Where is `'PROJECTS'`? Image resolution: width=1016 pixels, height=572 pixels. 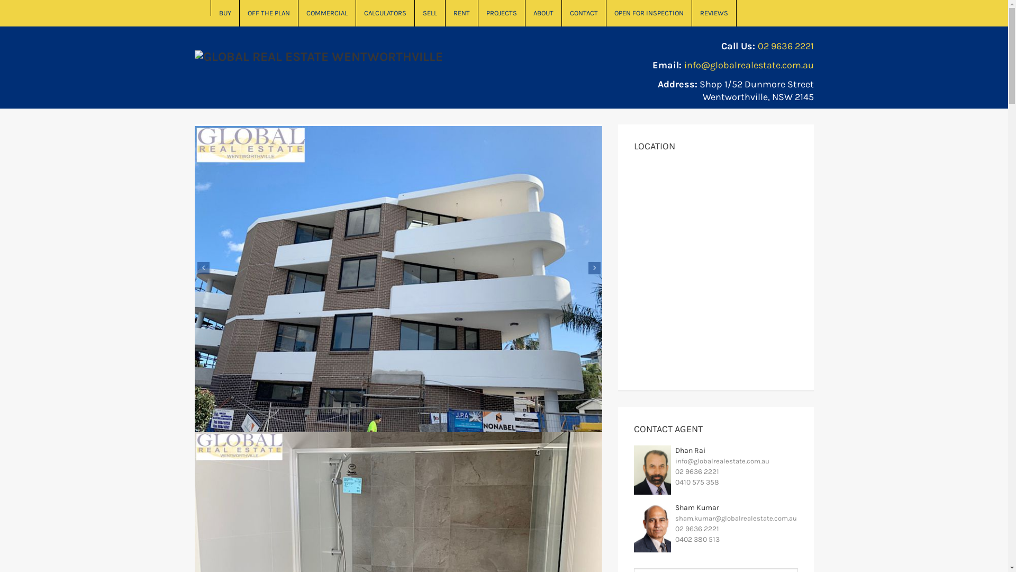
'PROJECTS' is located at coordinates (501, 13).